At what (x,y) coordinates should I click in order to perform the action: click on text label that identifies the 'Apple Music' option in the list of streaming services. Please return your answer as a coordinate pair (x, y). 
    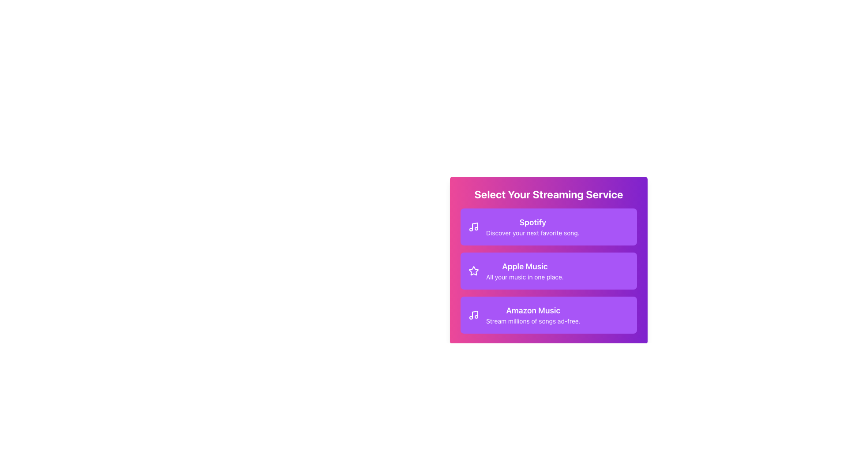
    Looking at the image, I should click on (525, 266).